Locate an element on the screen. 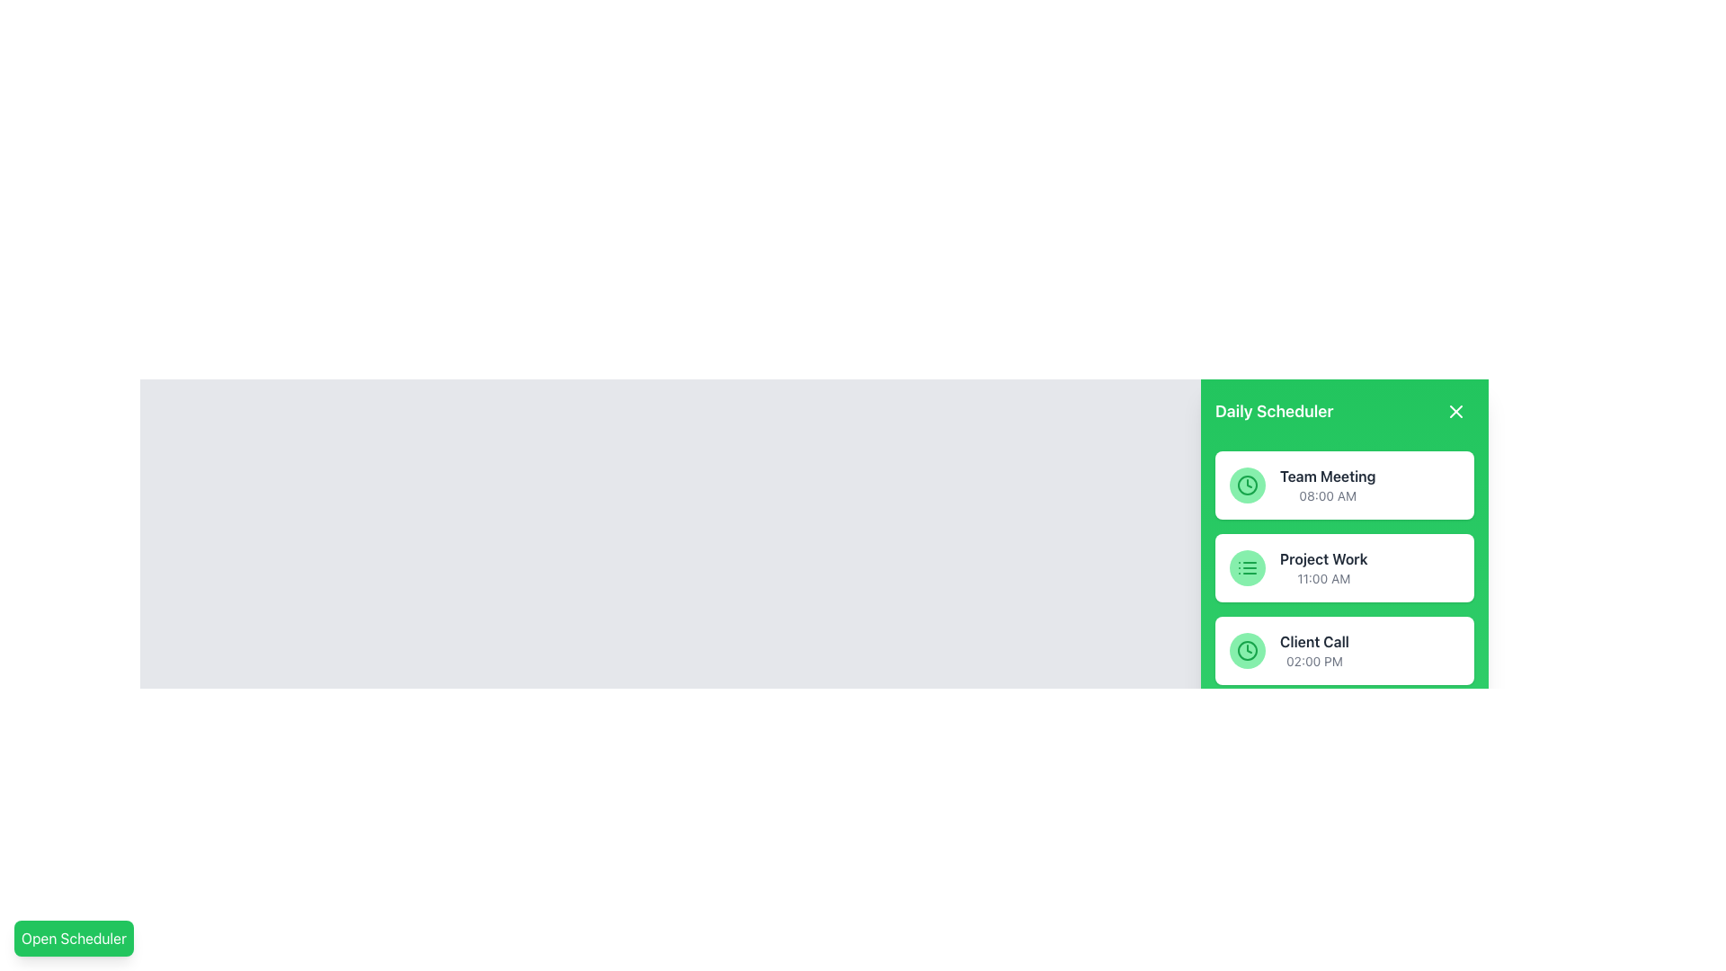 This screenshot has width=1726, height=971. the 'Client Call' text label, which is styled in bold gray color and located in the green sidebar under the 'Daily Scheduler' section, above the timestamp '02:00 PM' is located at coordinates (1314, 640).